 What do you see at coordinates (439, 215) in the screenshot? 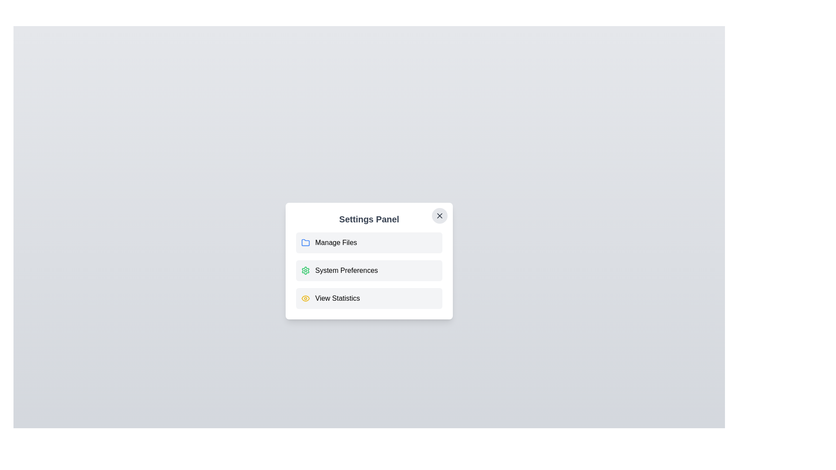
I see `the close button located in the top-right corner of the 'Settings Panel'` at bounding box center [439, 215].